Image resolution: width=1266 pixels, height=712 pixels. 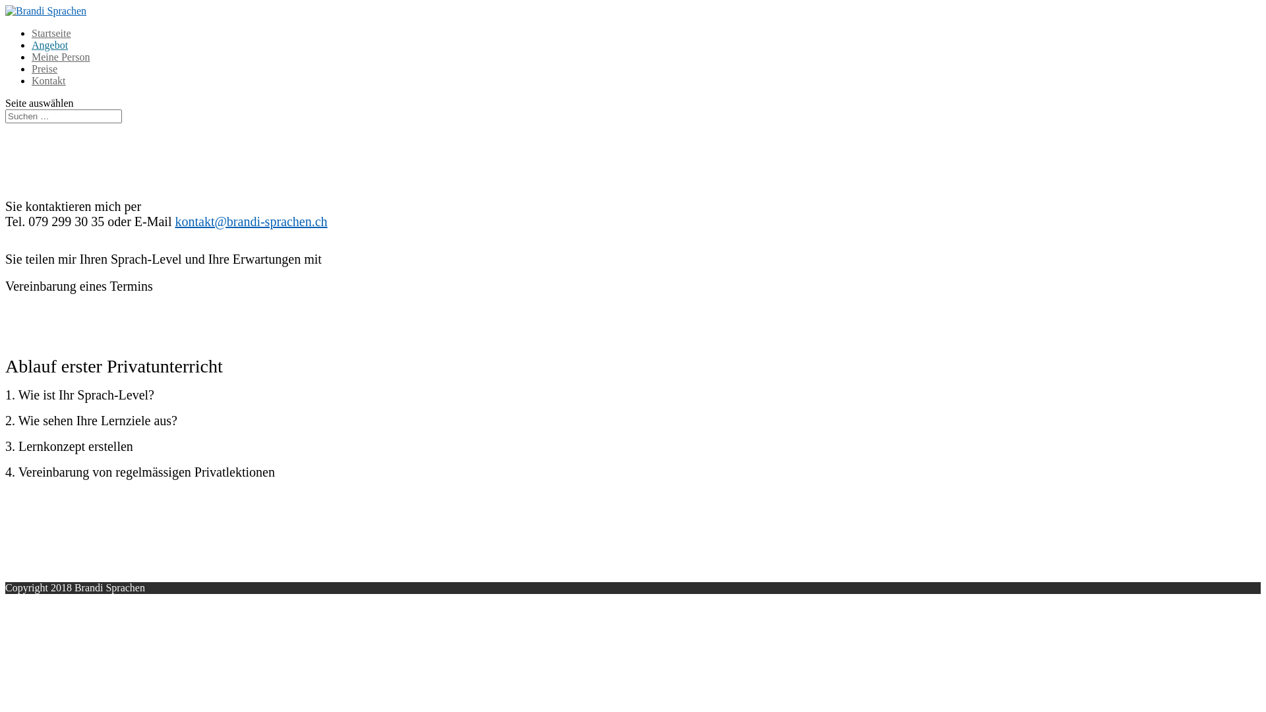 I want to click on 'kontakt@brandi-sprachen.ch', so click(x=173, y=220).